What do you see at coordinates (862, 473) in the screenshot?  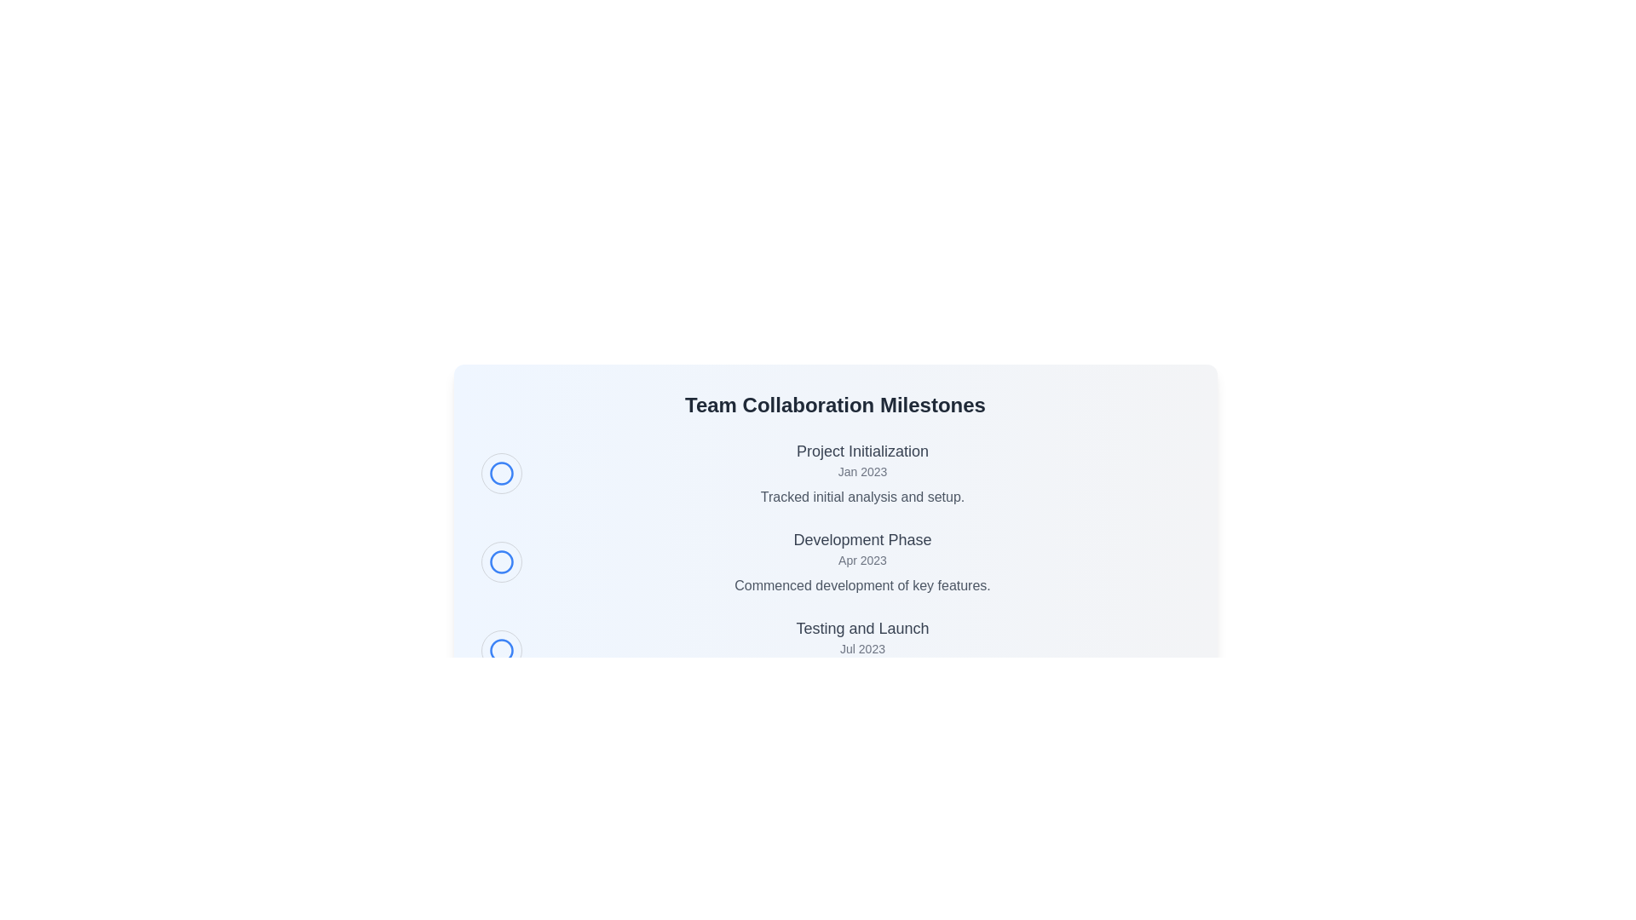 I see `the first milestone entry in the 'Team Collaboration Milestones' list, which provides a title, date, and additional description` at bounding box center [862, 473].